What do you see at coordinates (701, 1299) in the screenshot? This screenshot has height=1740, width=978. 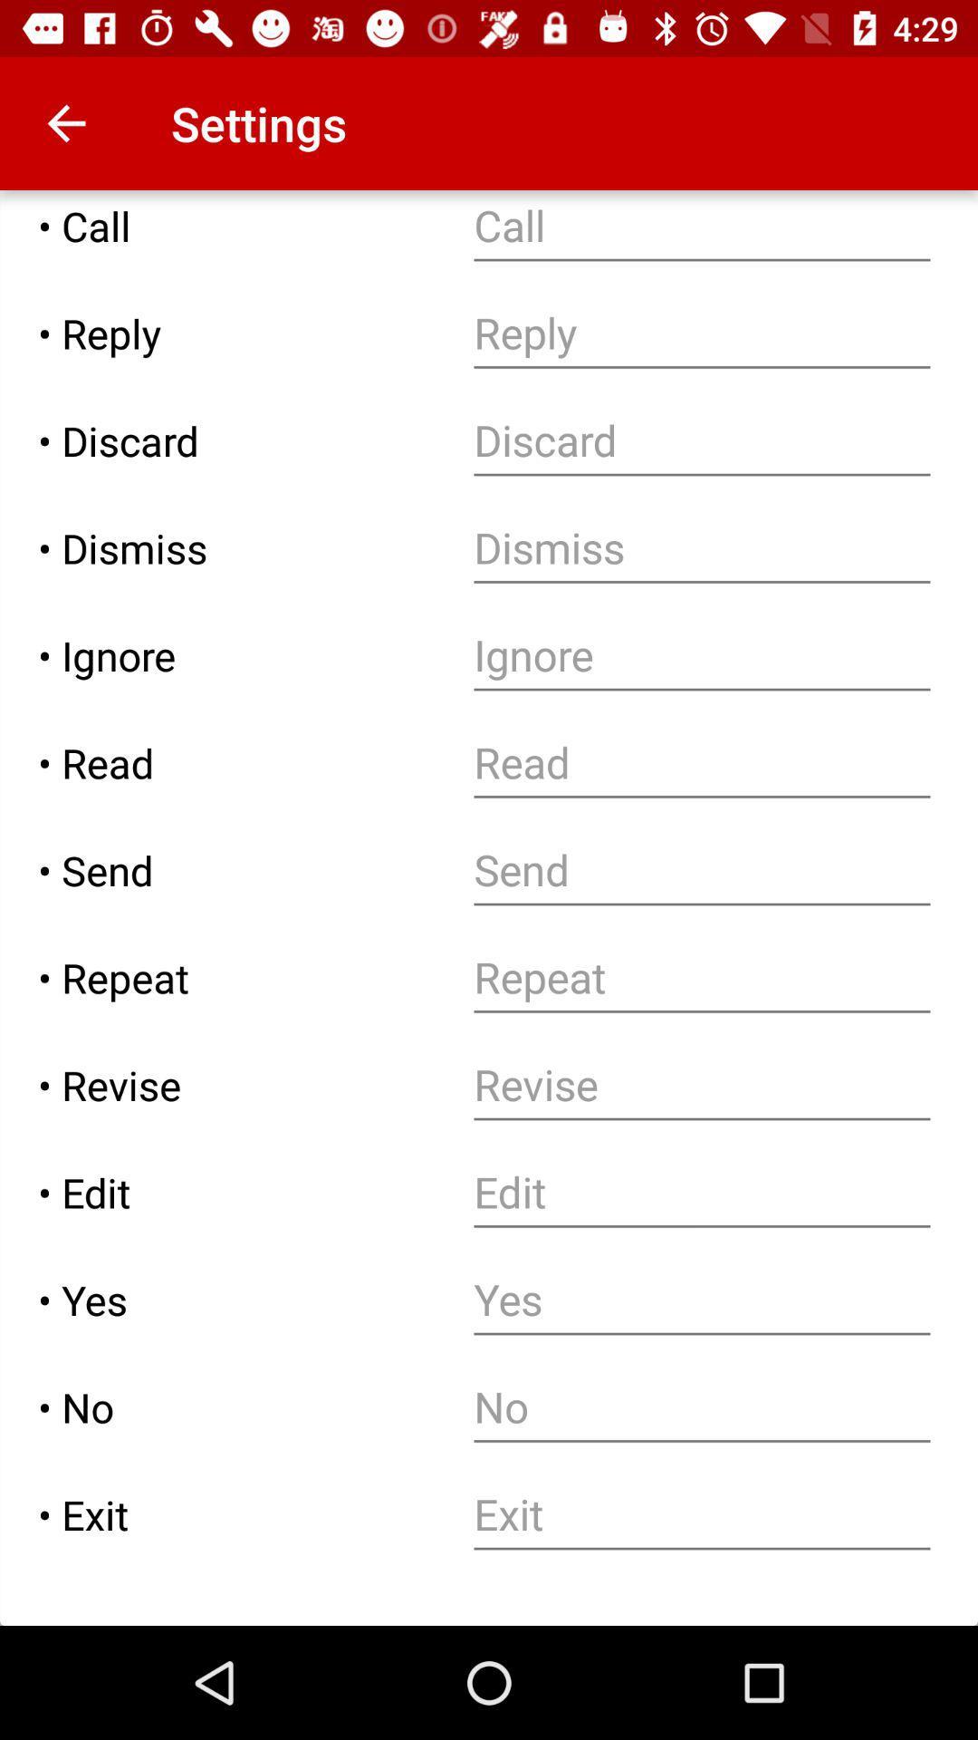 I see `set the option` at bounding box center [701, 1299].